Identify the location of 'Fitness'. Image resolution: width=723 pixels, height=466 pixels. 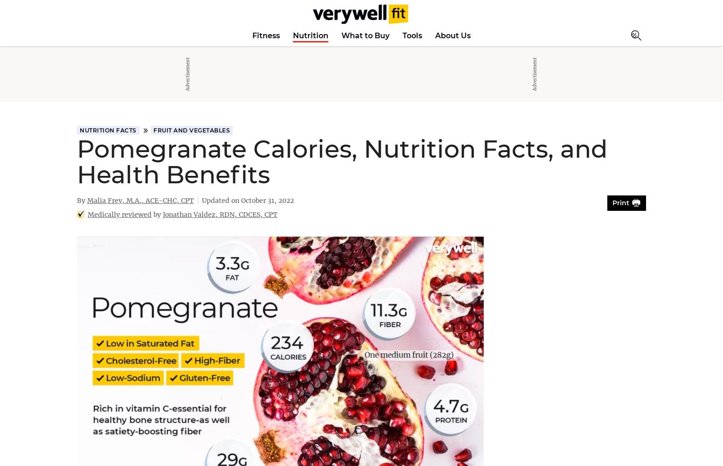
(251, 35).